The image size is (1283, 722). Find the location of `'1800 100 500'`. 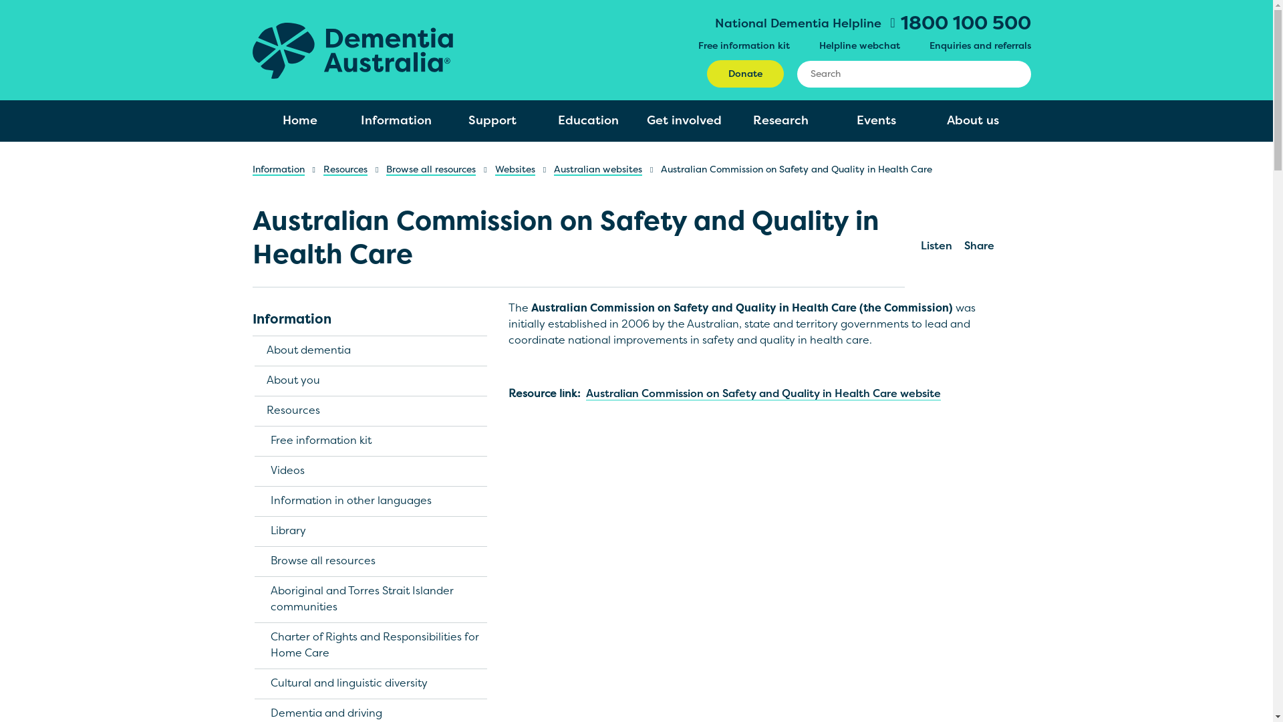

'1800 100 500' is located at coordinates (959, 25).